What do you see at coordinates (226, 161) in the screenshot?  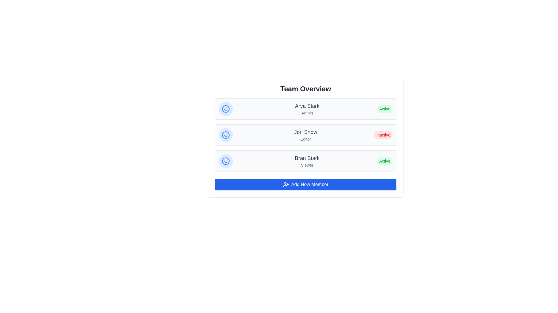 I see `the circular element with a blue outline and light blue background, which represents the avatar for the user entry 'Bran Stark'` at bounding box center [226, 161].